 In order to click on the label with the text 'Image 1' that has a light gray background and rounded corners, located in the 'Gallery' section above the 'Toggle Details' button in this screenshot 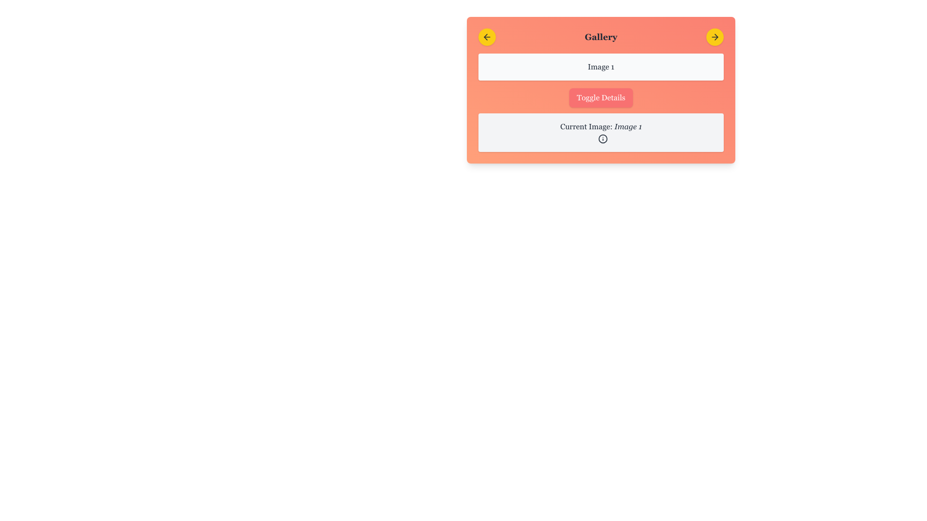, I will do `click(600, 66)`.